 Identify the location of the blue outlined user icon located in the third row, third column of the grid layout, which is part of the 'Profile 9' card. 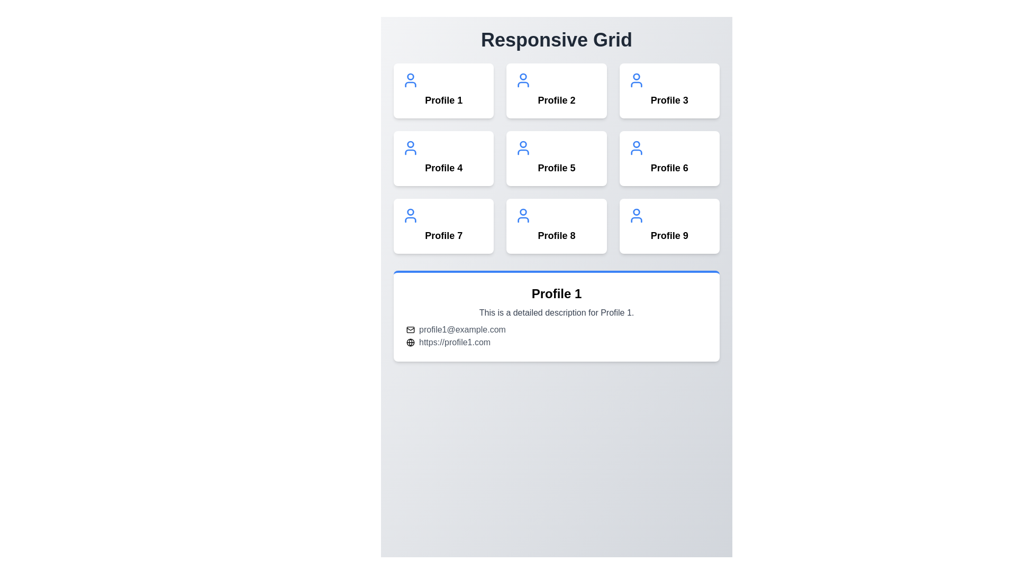
(636, 215).